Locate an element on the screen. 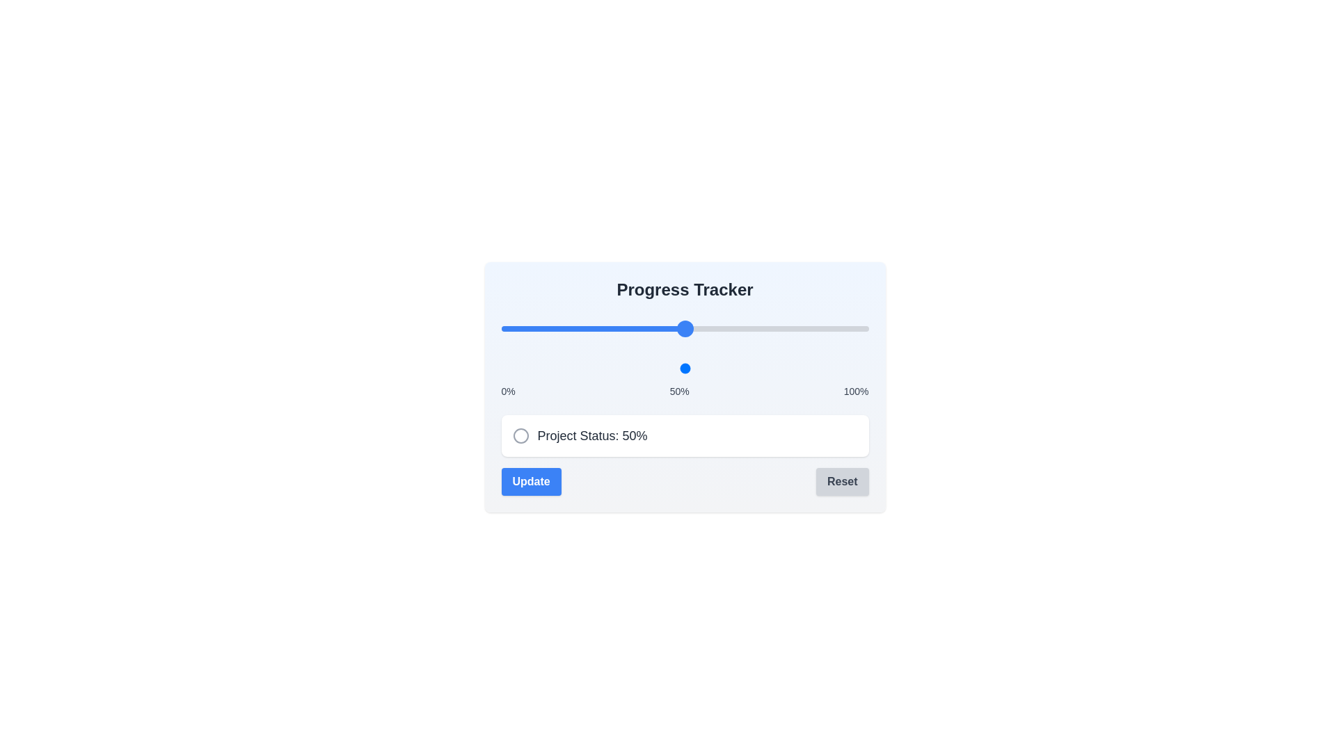 The height and width of the screenshot is (751, 1336). 'Update' button to confirm the current progress is located at coordinates (530, 481).